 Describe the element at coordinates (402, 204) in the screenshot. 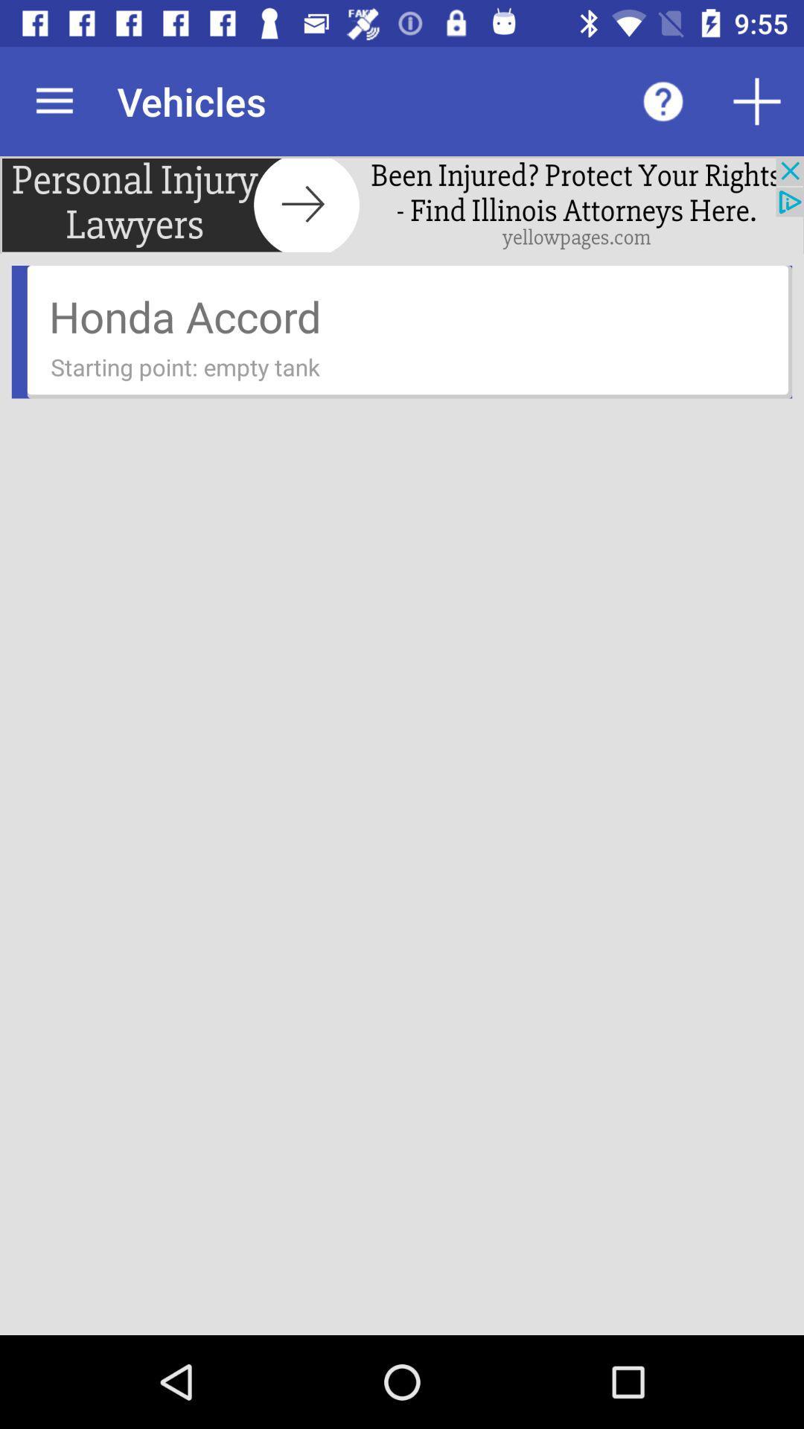

I see `find lawyers in yellowpages` at that location.